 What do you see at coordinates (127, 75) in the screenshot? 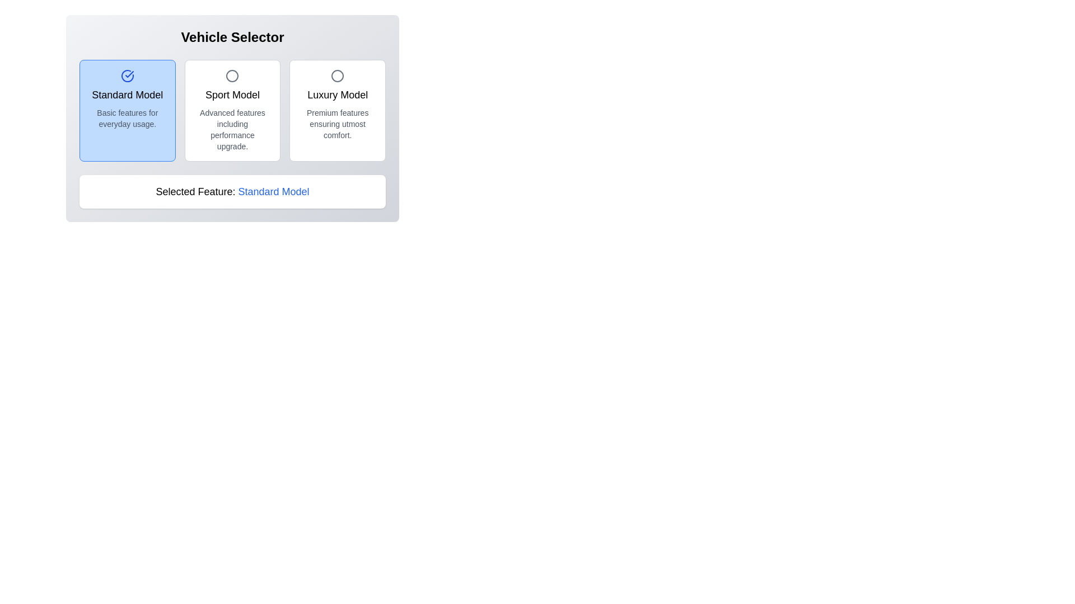
I see `the presence of the circular icon with a blue outlined checkmark in the upper-central region, indicating an active selection above the 'Standard Model' text` at bounding box center [127, 75].